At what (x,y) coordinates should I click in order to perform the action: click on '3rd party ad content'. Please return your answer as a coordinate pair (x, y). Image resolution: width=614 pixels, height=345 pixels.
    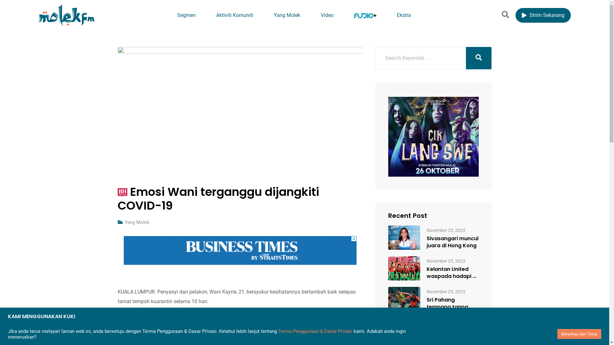
    Looking at the image, I should click on (433, 136).